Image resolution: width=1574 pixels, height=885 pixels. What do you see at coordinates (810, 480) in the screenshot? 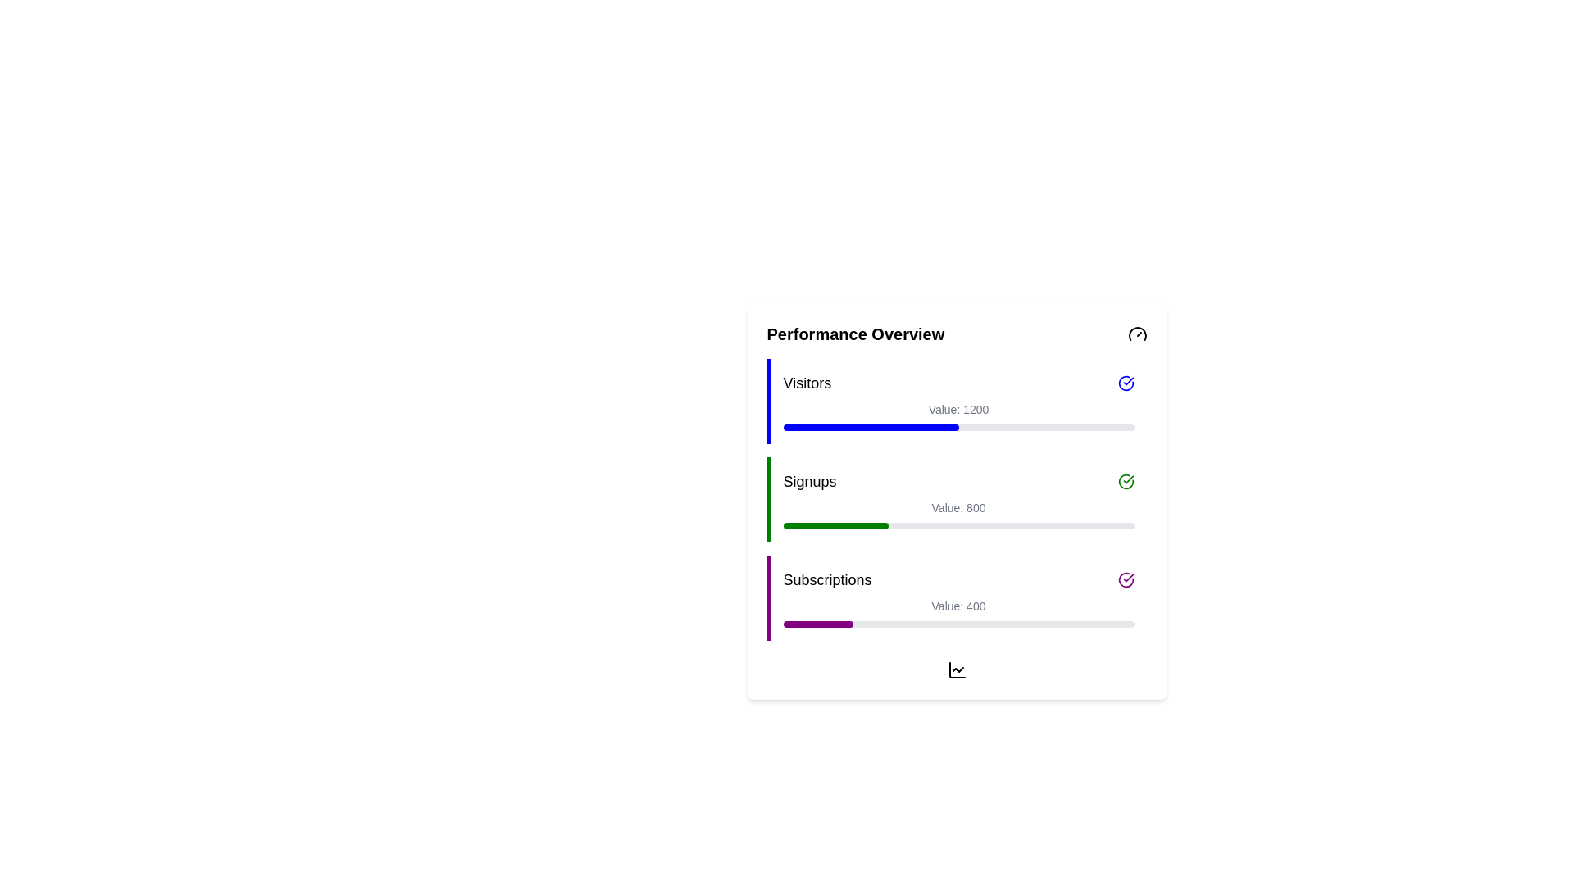
I see `the 'Signups' text label, which is displayed in bold font and positioned above the green progress bar and below the 'Visitors' label` at bounding box center [810, 480].